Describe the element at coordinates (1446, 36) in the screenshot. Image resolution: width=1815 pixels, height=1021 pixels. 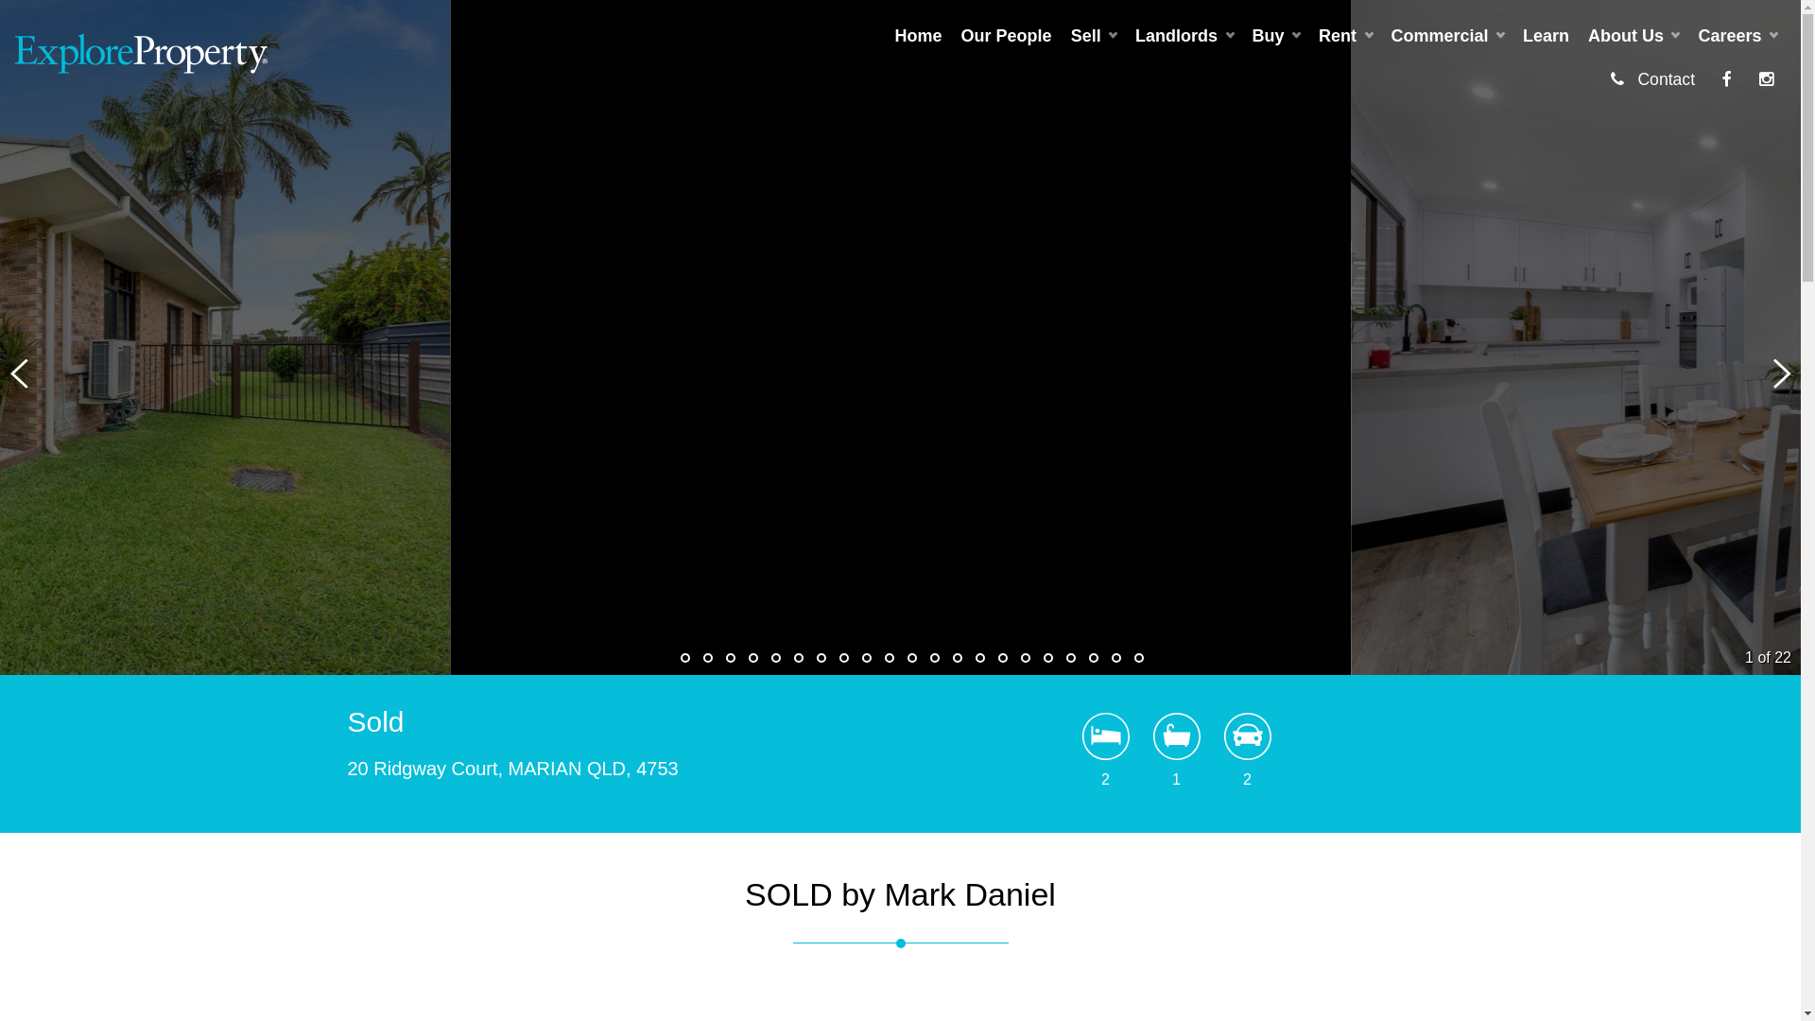
I see `'Commercial'` at that location.